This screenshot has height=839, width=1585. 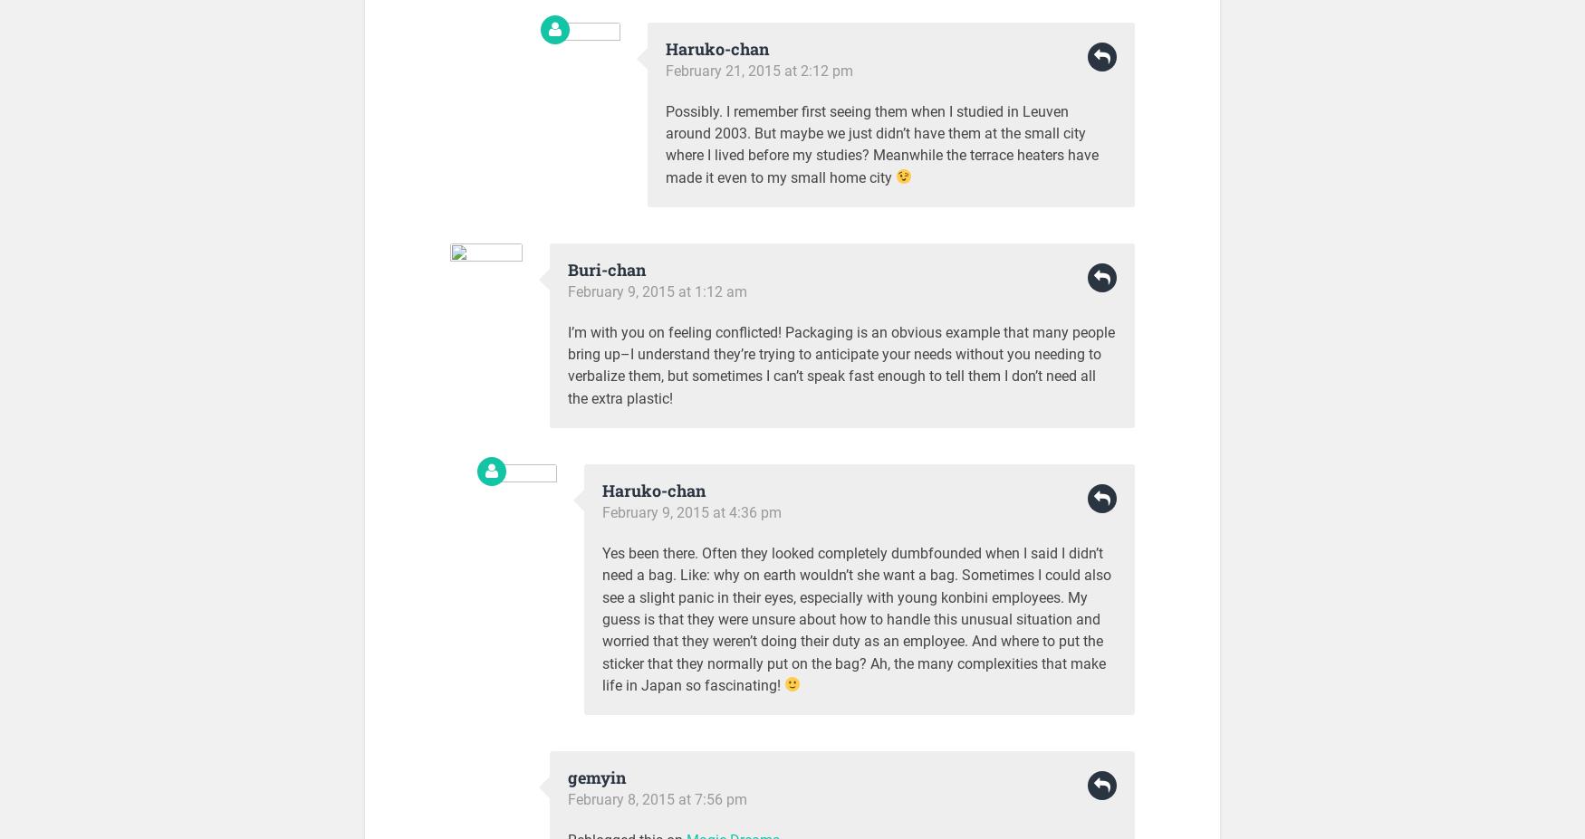 What do you see at coordinates (759, 69) in the screenshot?
I see `'February 21, 2015 at 2:12 pm'` at bounding box center [759, 69].